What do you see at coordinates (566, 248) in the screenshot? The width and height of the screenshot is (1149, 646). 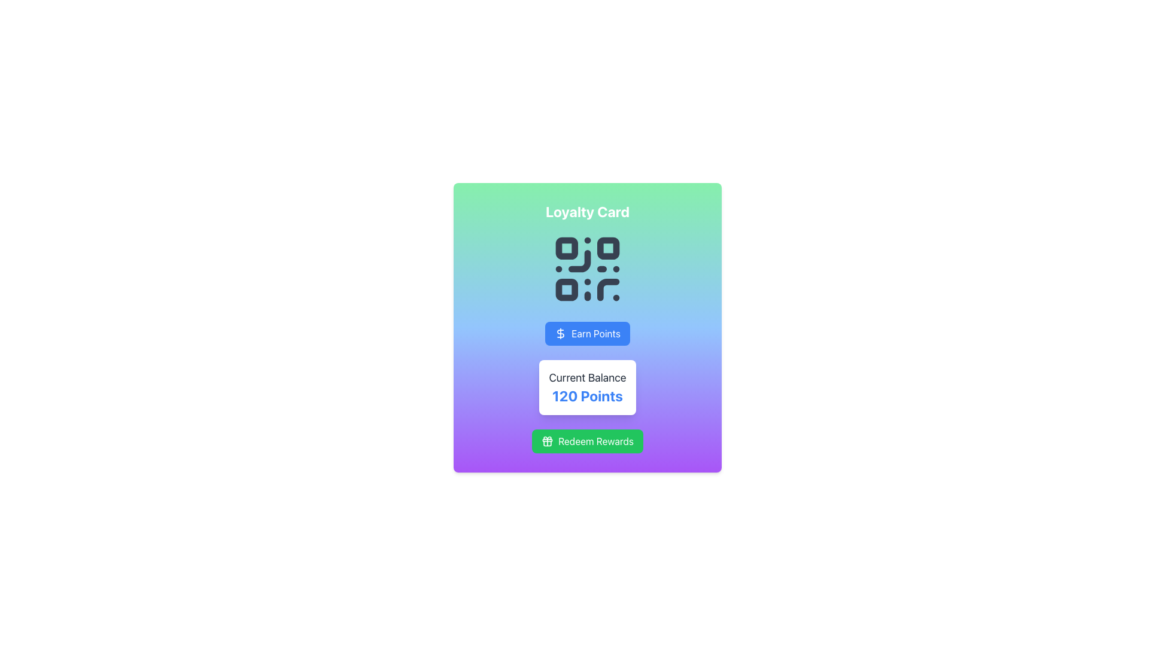 I see `the small square shape with rounded corners that is part of the QR code graphic in the top-left section of the Loyalty Card, which has a cyan or light green fill color` at bounding box center [566, 248].